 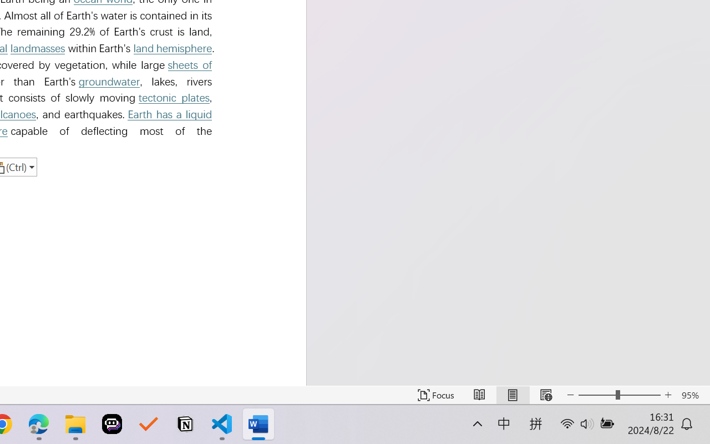 What do you see at coordinates (172, 48) in the screenshot?
I see `'land hemisphere'` at bounding box center [172, 48].